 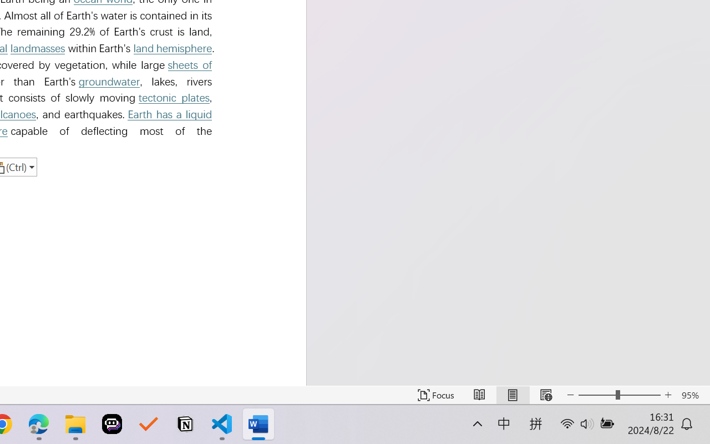 What do you see at coordinates (172, 48) in the screenshot?
I see `'land hemisphere'` at bounding box center [172, 48].